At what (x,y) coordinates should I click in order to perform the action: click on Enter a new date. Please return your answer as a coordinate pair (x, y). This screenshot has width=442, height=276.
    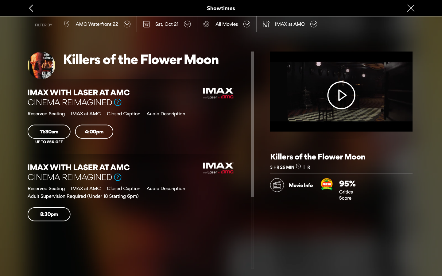
    Looking at the image, I should click on (167, 24).